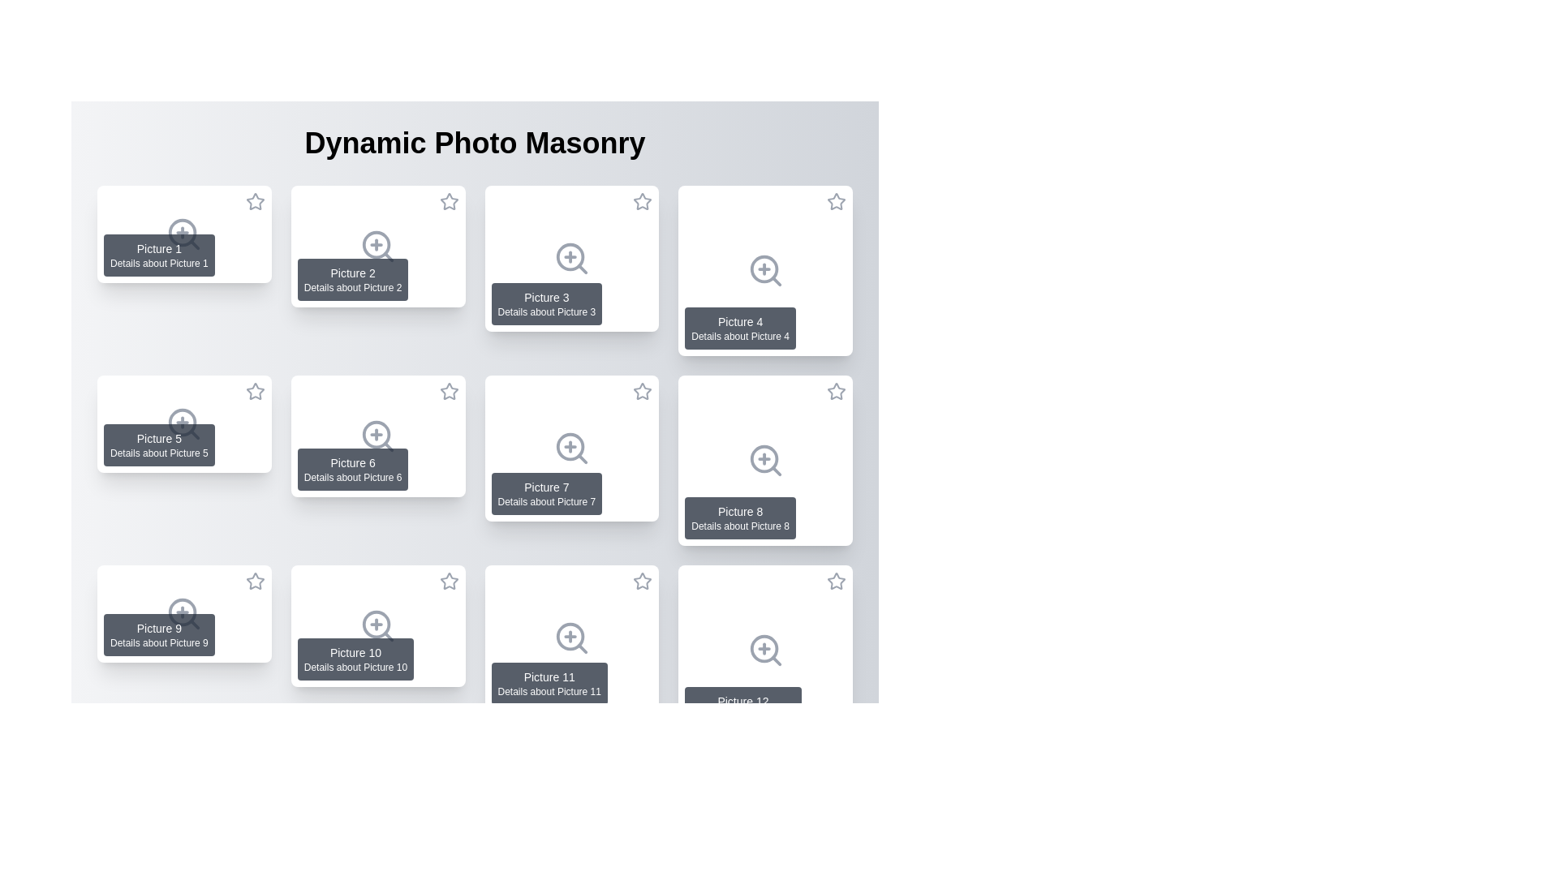 This screenshot has width=1558, height=876. Describe the element at coordinates (571, 258) in the screenshot. I see `the magnifying glass icon located at the center of the card with a white background and rounded corners, which contains the texts 'Picture 3' and 'Details about Picture 3'` at that location.